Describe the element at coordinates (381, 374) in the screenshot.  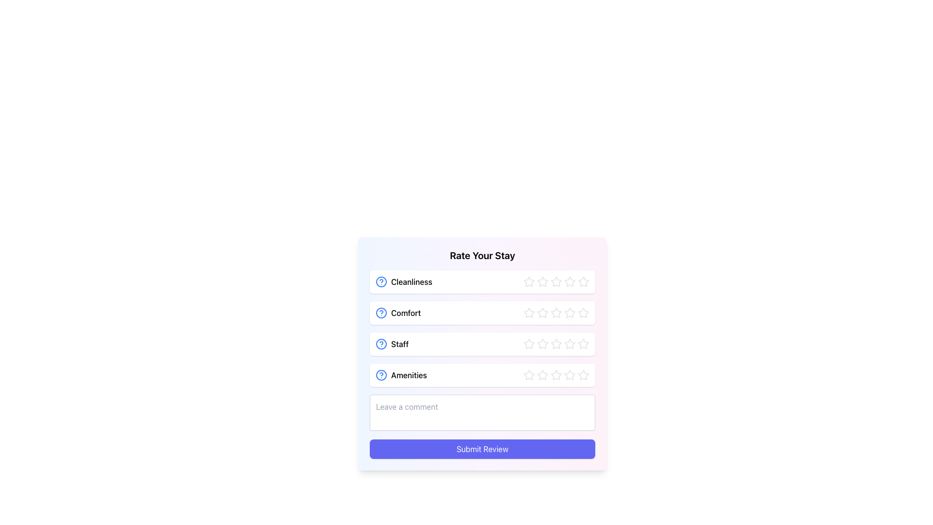
I see `the blue-bordered circle filled with white, located within the 'Amenities' row of the form, to the left of the text label` at that location.